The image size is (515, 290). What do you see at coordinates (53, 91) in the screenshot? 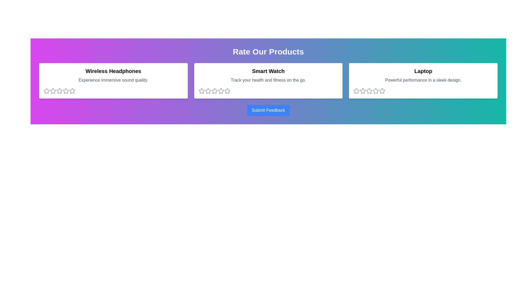
I see `the star corresponding to 2 stars to preview the rating` at bounding box center [53, 91].